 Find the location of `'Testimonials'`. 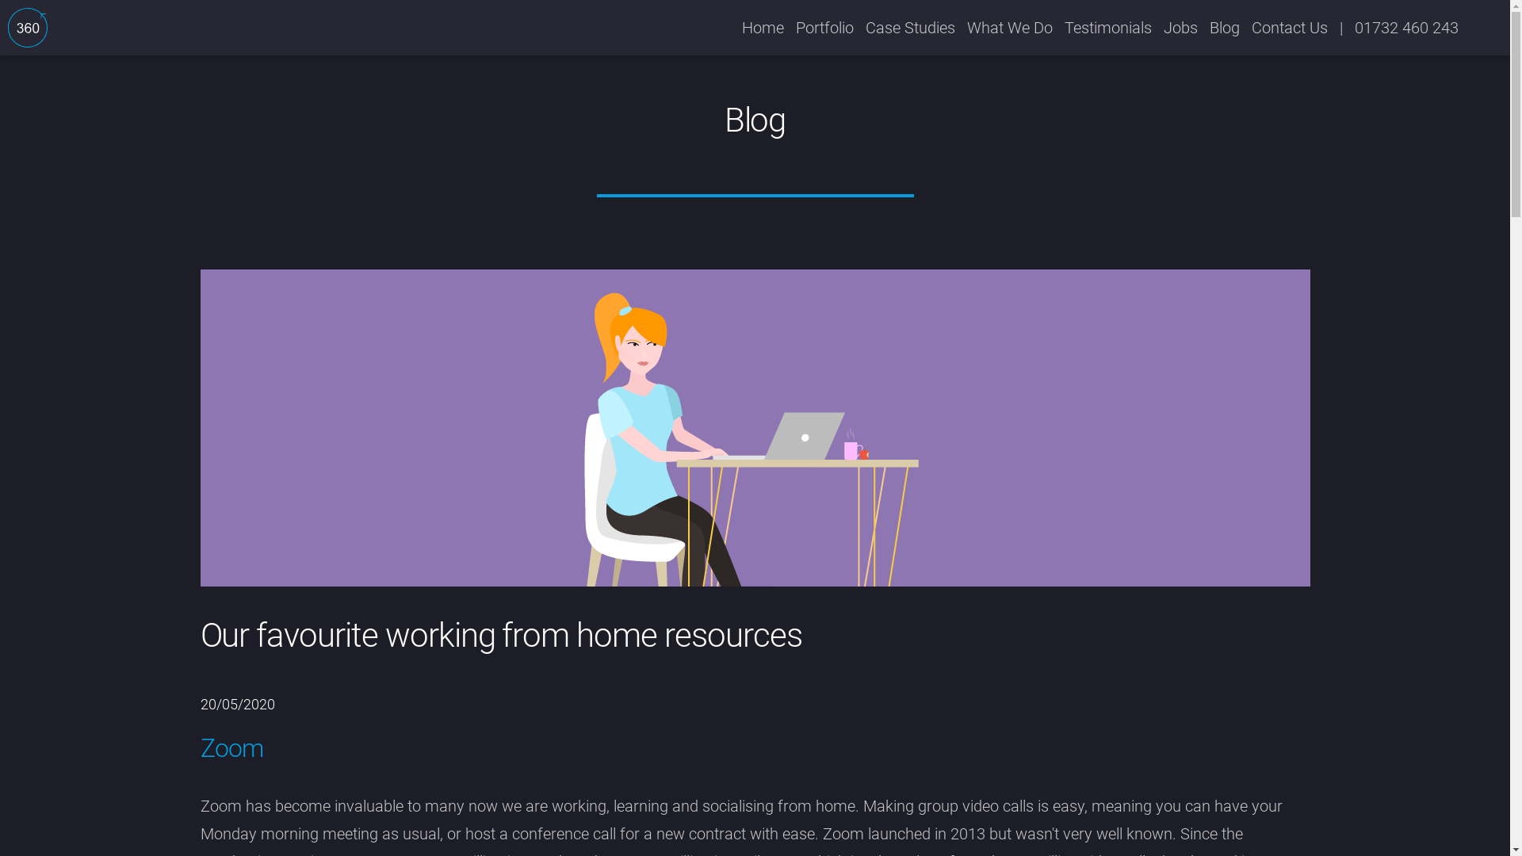

'Testimonials' is located at coordinates (1065, 28).